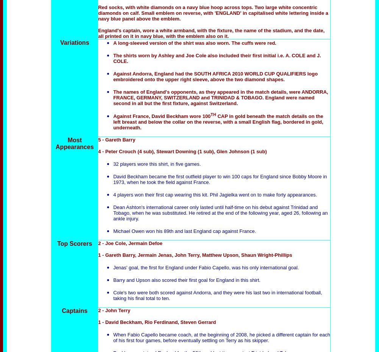 This screenshot has height=352, width=379. I want to click on 'CAP in gold beneath the match 
		details on the left breast and below the collar on the reverse, with a 
		small English flag, bordered in gold, underneath.', so click(218, 121).